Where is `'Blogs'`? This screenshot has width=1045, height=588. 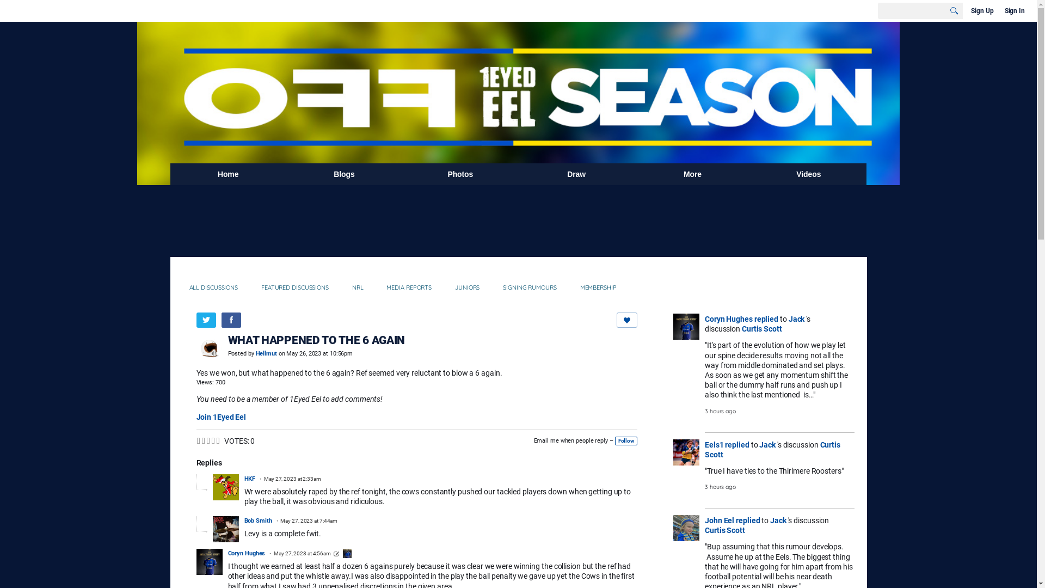
'Blogs' is located at coordinates (343, 174).